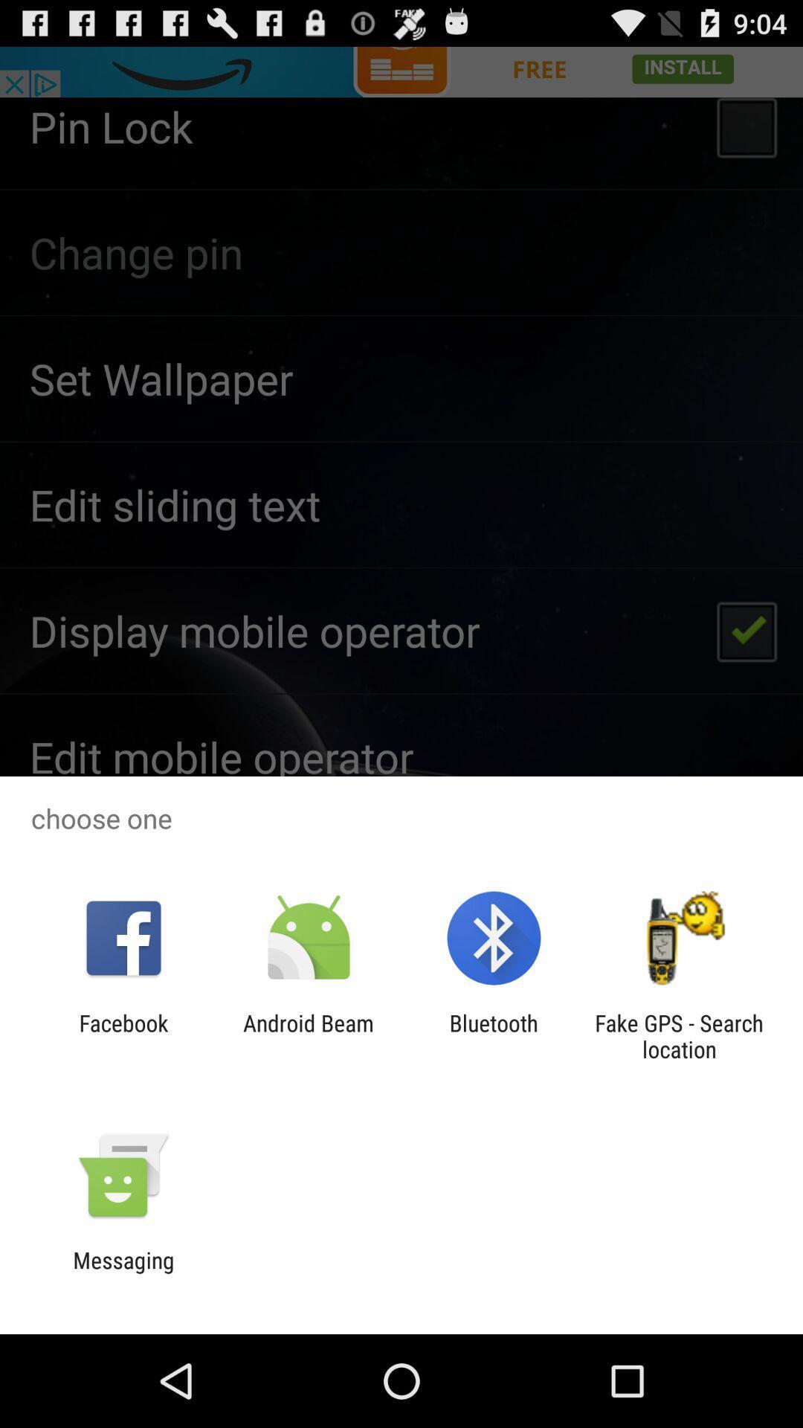  What do you see at coordinates (679, 1035) in the screenshot?
I see `the fake gps search icon` at bounding box center [679, 1035].